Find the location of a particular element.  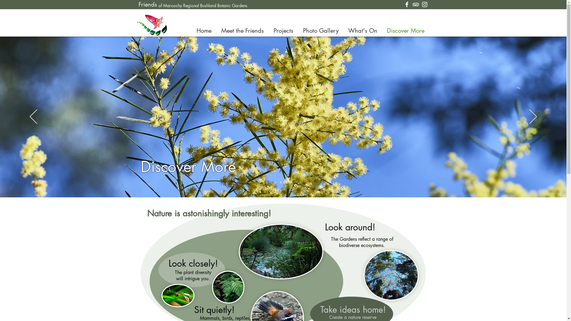

'Meet the Friends' is located at coordinates (243, 31).